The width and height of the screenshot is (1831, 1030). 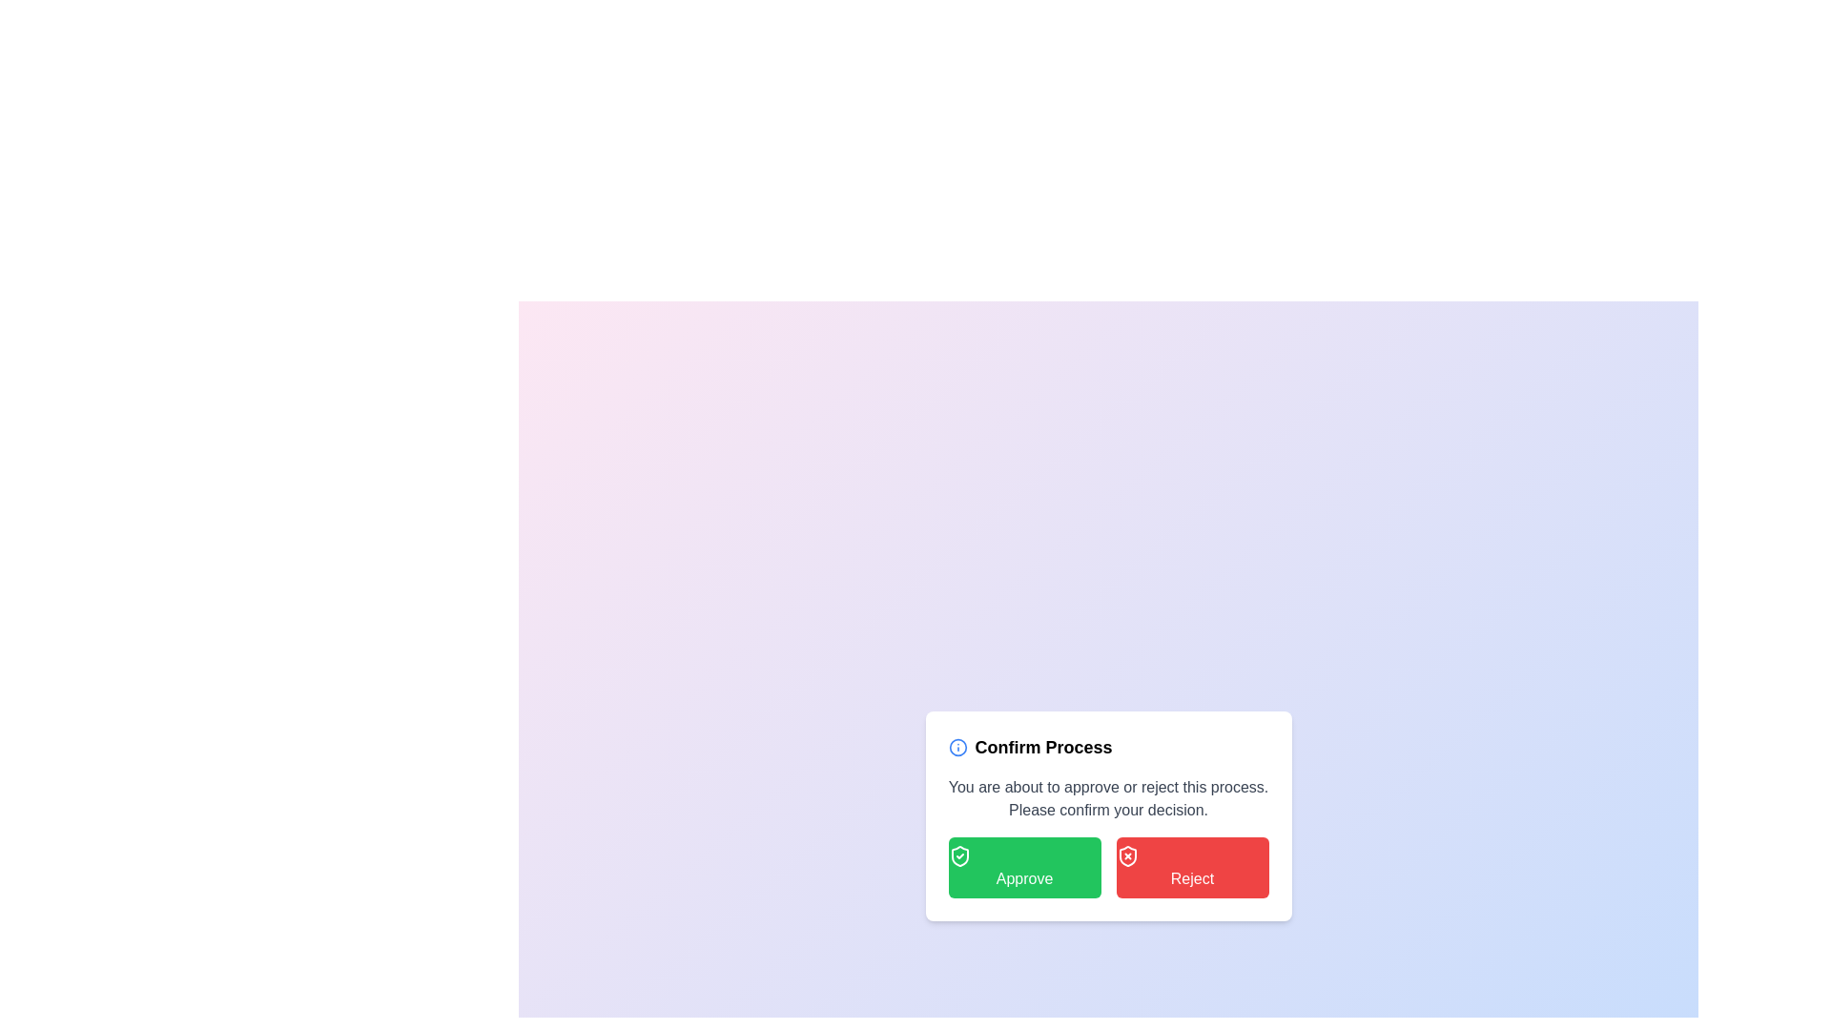 What do you see at coordinates (1042, 746) in the screenshot?
I see `text label 'Confirm Process' located in the card interface, which is styled in medium-large bold font and positioned to the right of the blue info icon` at bounding box center [1042, 746].